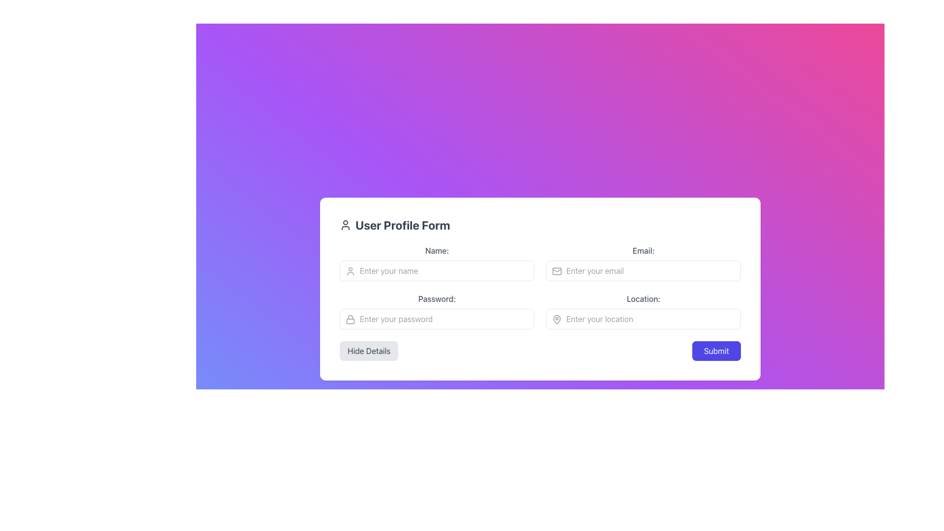 Image resolution: width=944 pixels, height=531 pixels. I want to click on the gray lock icon located on the left side of the password input box in the user profile form interface, so click(351, 320).